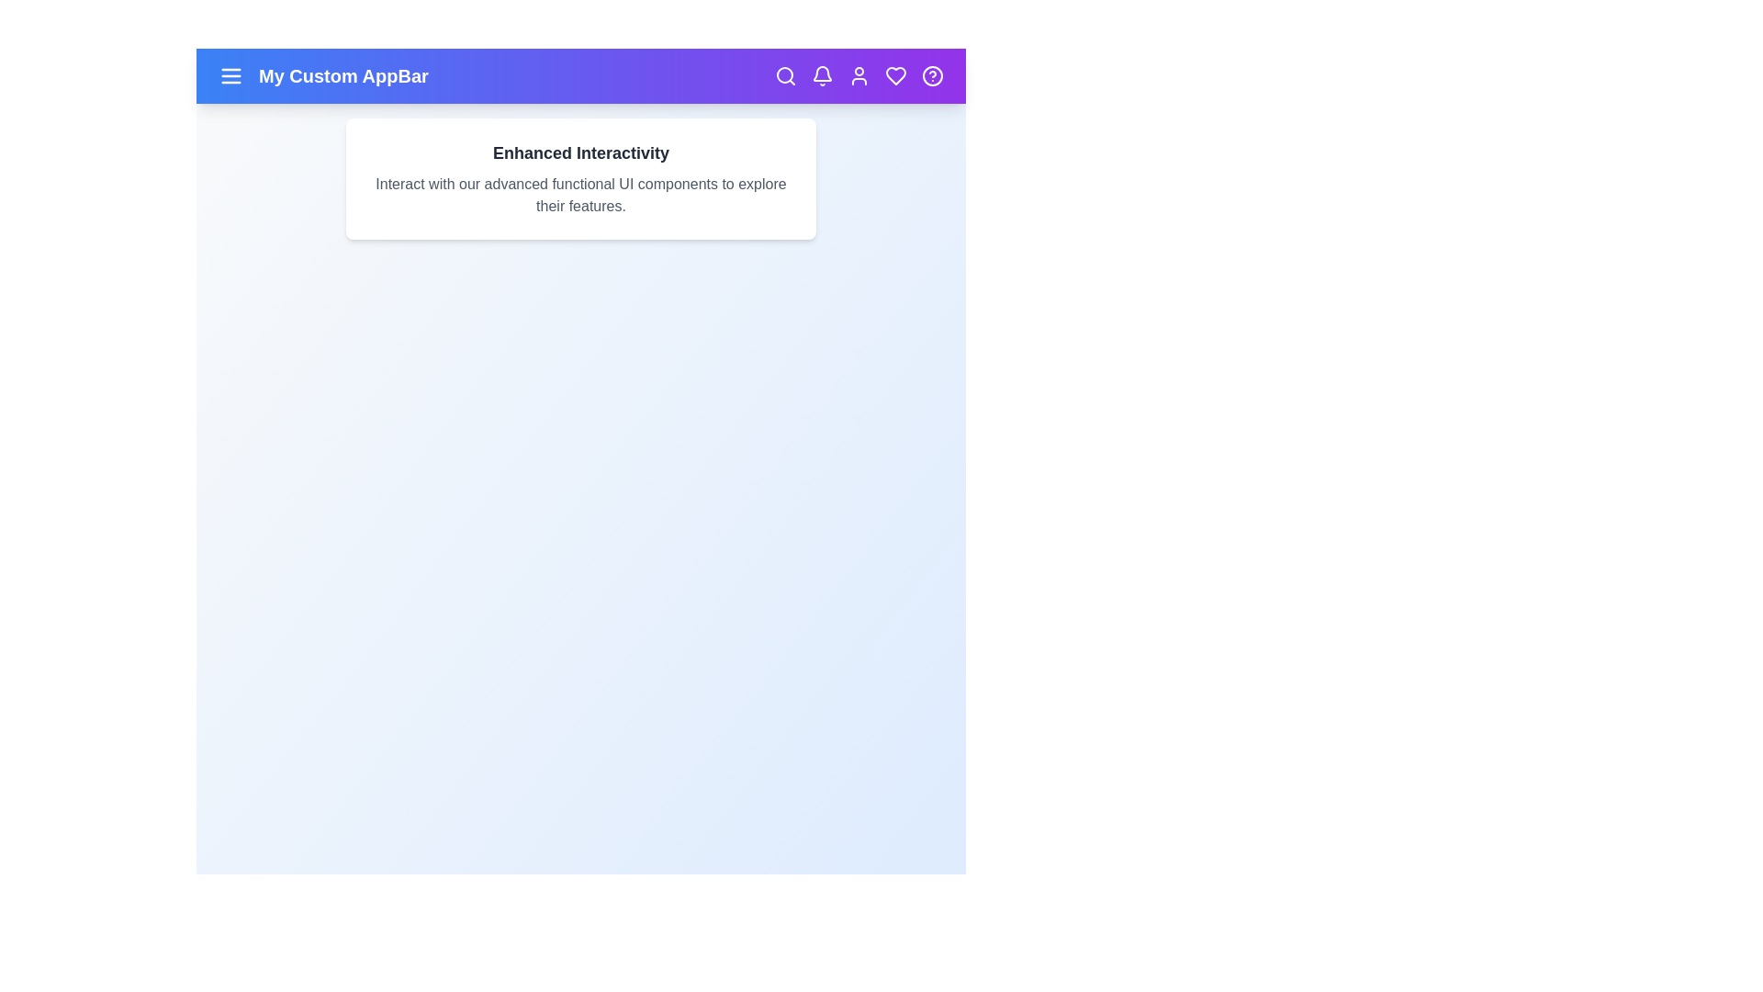 Image resolution: width=1763 pixels, height=992 pixels. What do you see at coordinates (785, 75) in the screenshot?
I see `the search icon in the app bar` at bounding box center [785, 75].